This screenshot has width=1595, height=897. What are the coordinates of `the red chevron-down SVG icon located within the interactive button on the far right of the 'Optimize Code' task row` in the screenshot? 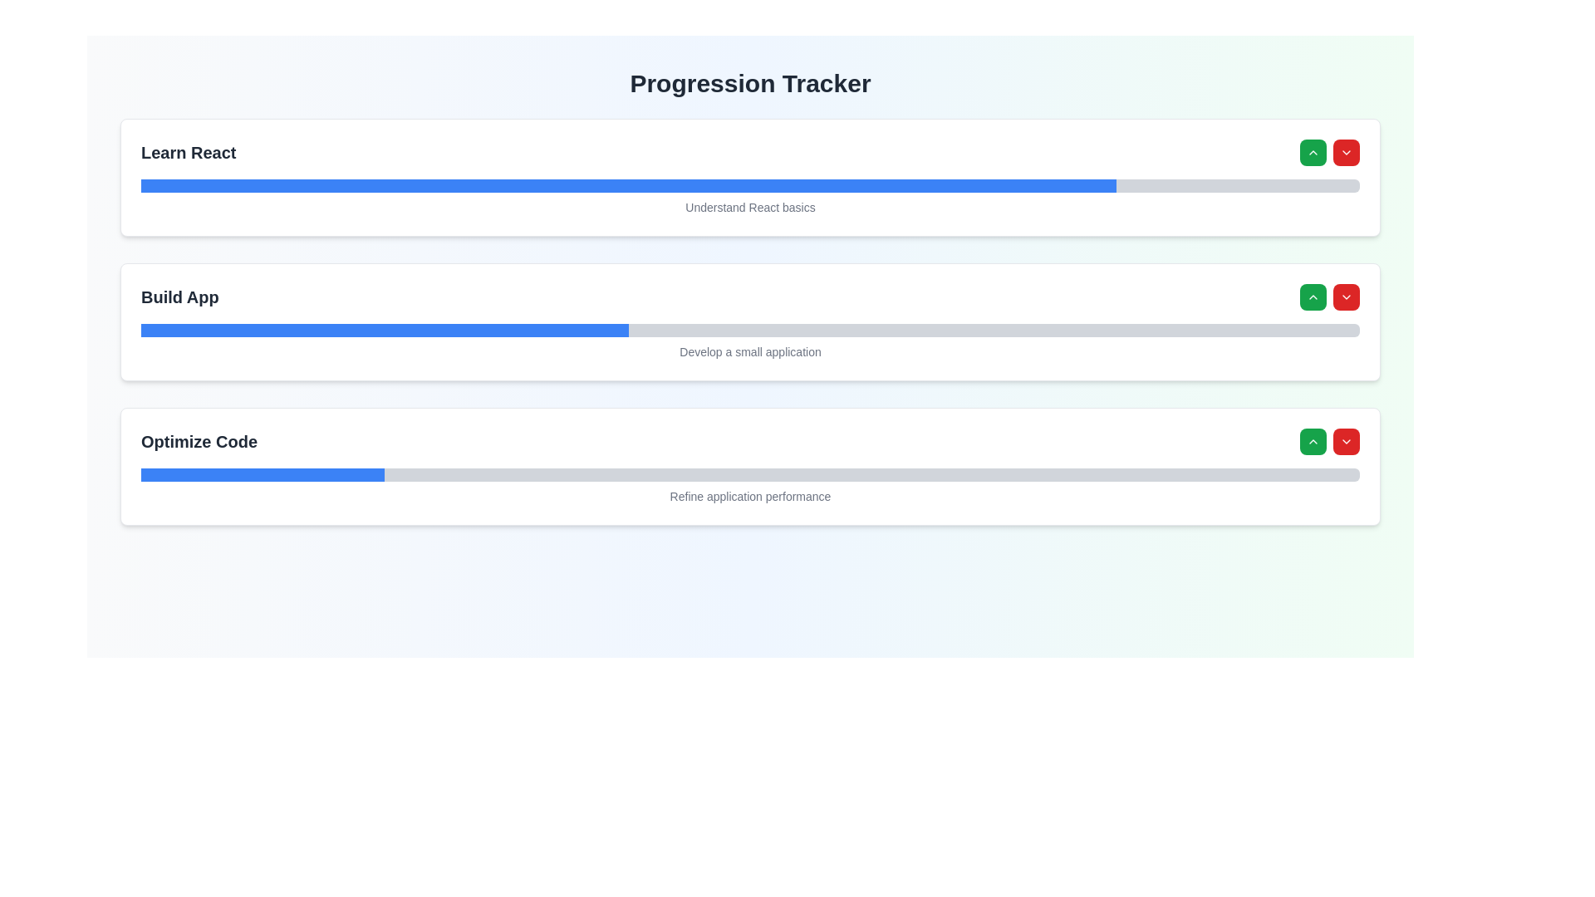 It's located at (1347, 441).